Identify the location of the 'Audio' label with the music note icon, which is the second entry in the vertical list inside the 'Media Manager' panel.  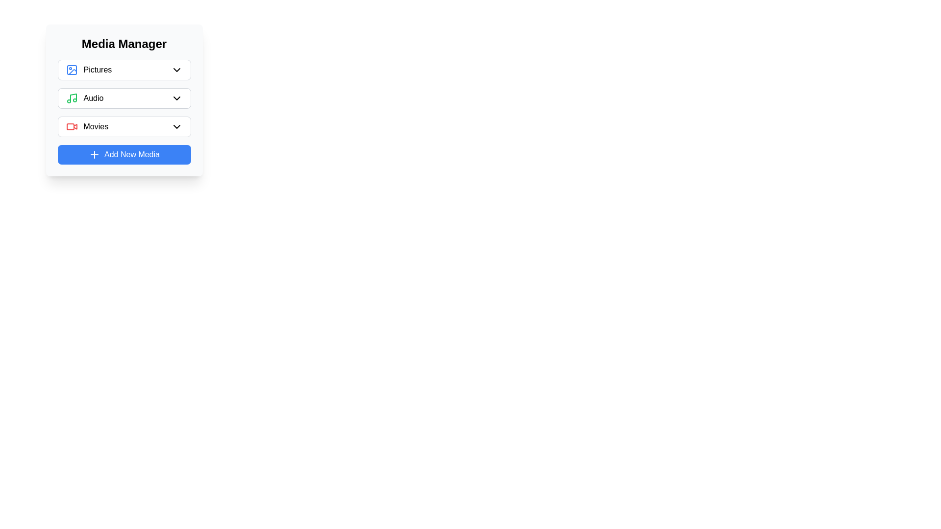
(84, 98).